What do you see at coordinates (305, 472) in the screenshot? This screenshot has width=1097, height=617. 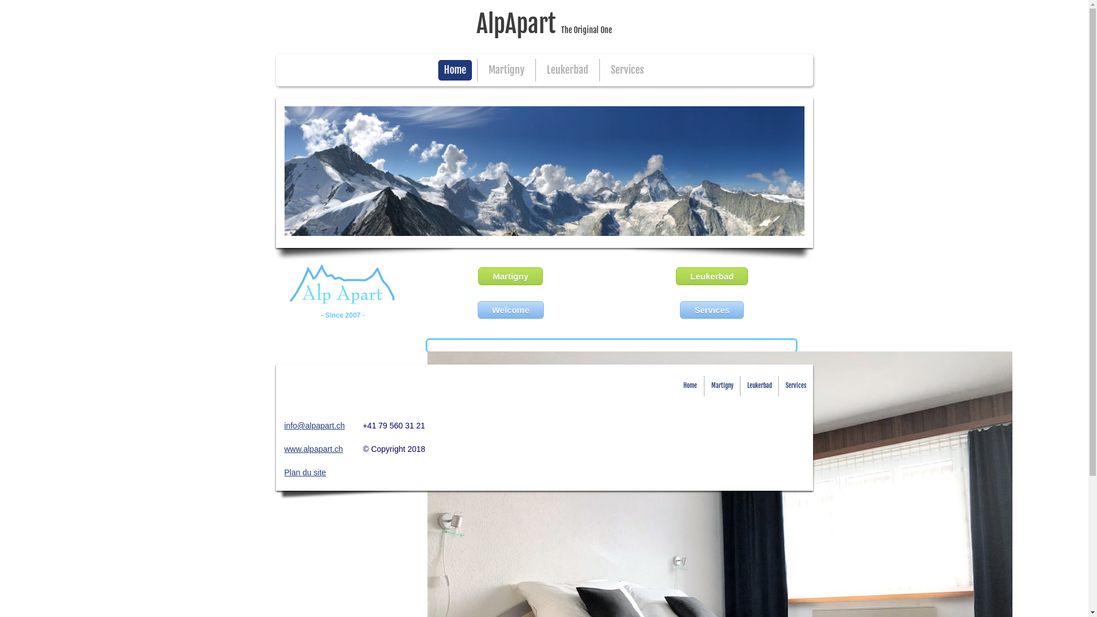 I see `'Plan du site'` at bounding box center [305, 472].